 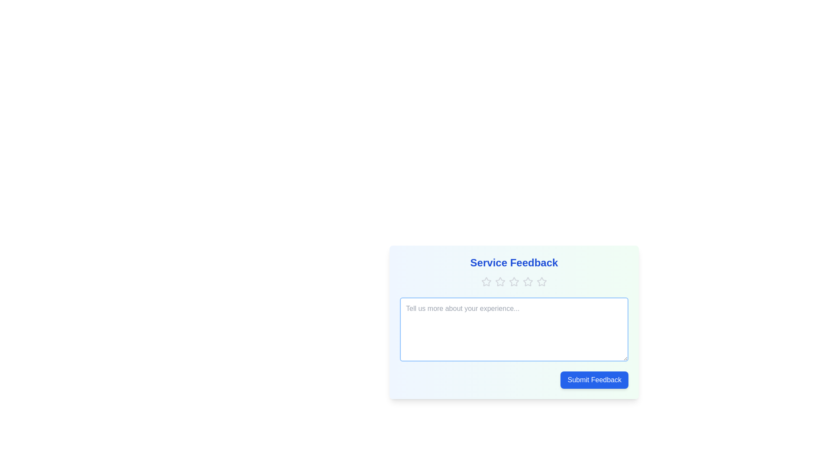 I want to click on the star corresponding to the desired rating 5, so click(x=541, y=281).